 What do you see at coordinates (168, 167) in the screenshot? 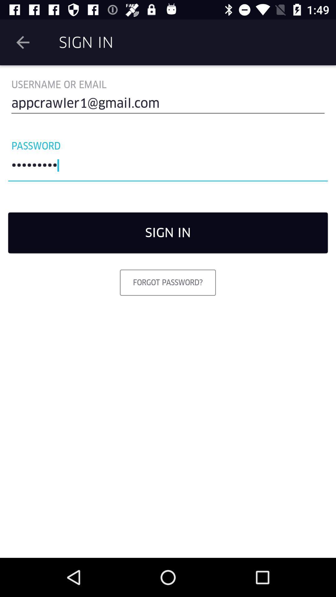
I see `crowd3116 item` at bounding box center [168, 167].